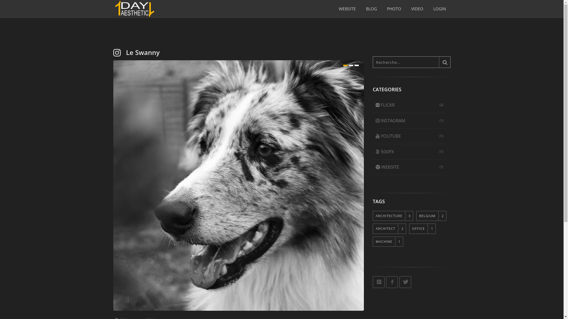 The height and width of the screenshot is (319, 568). I want to click on '(1), so click(409, 167).